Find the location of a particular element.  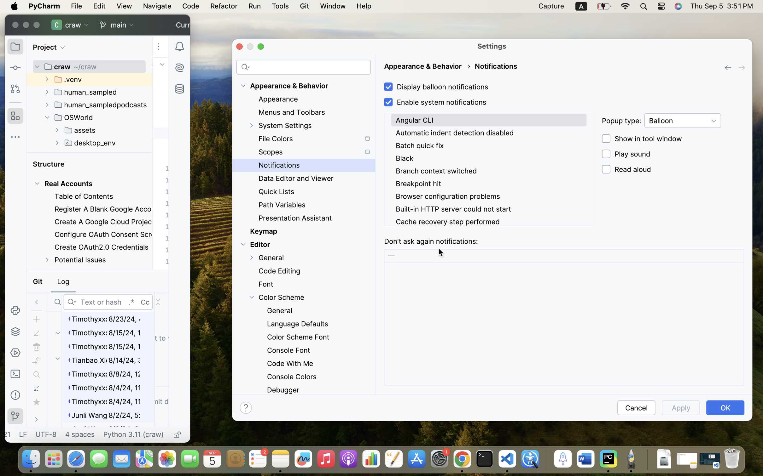

'0.4285714328289032' is located at coordinates (545, 459).